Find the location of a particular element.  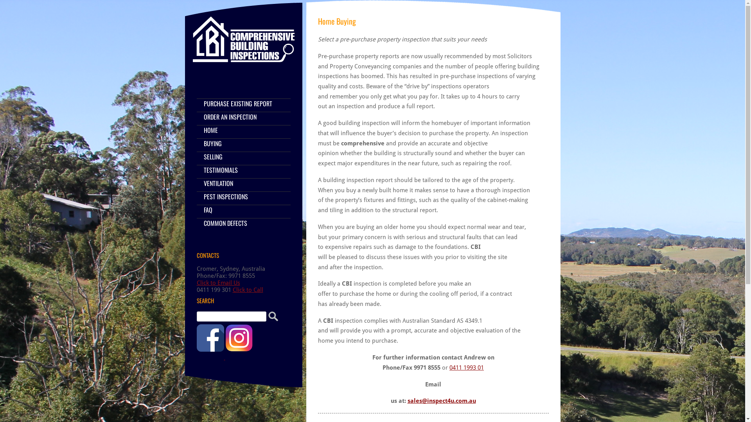

'Search' is located at coordinates (273, 316).